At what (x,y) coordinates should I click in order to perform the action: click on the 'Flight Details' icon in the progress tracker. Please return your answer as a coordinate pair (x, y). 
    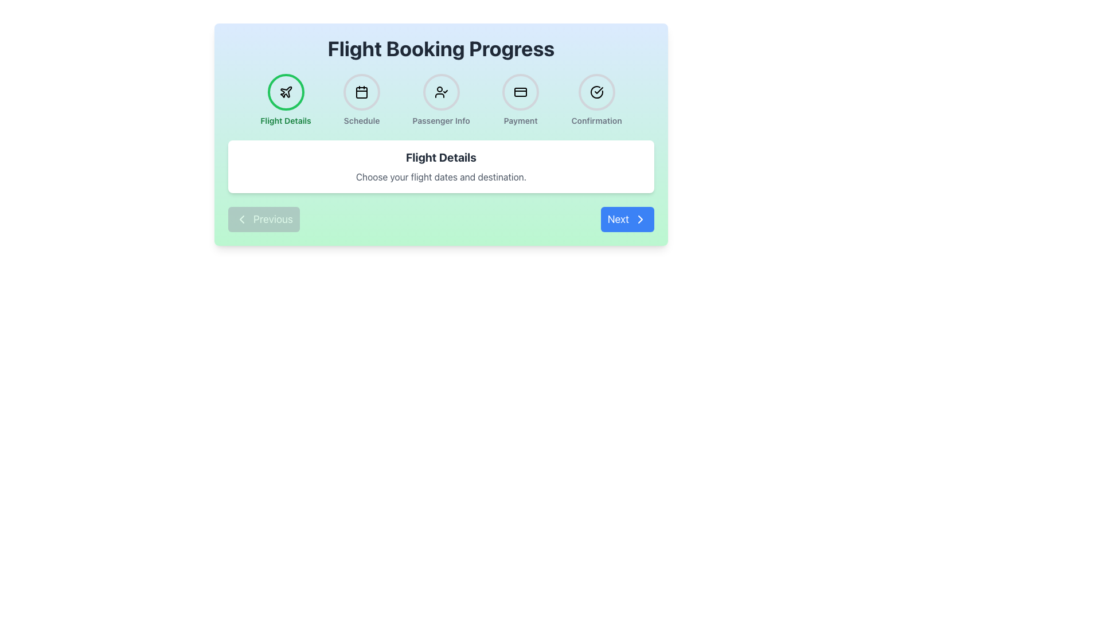
    Looking at the image, I should click on (286, 91).